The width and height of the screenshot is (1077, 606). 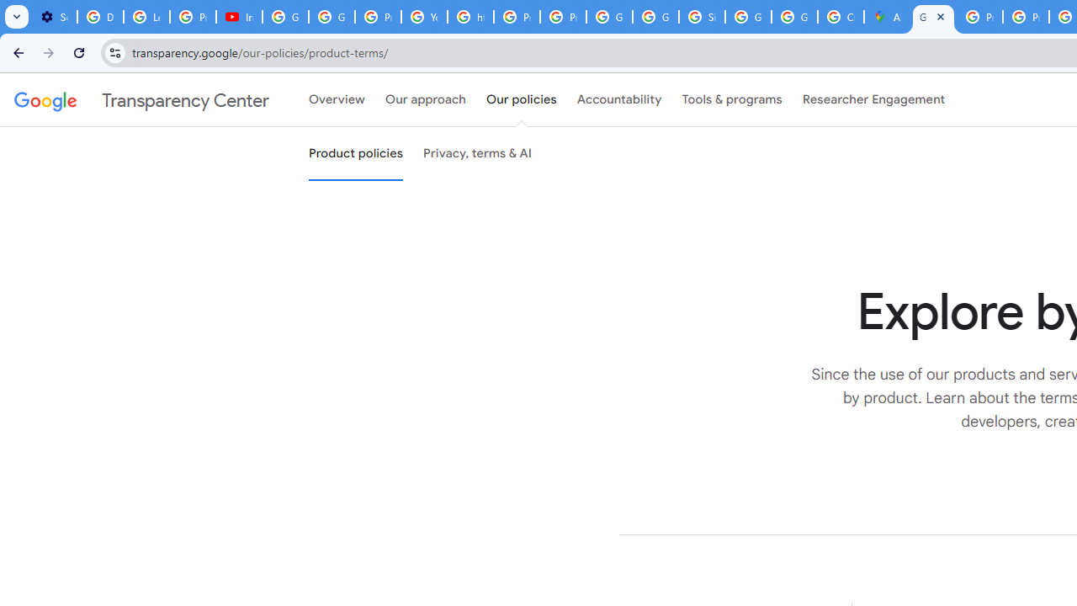 What do you see at coordinates (521, 100) in the screenshot?
I see `'Our policies'` at bounding box center [521, 100].